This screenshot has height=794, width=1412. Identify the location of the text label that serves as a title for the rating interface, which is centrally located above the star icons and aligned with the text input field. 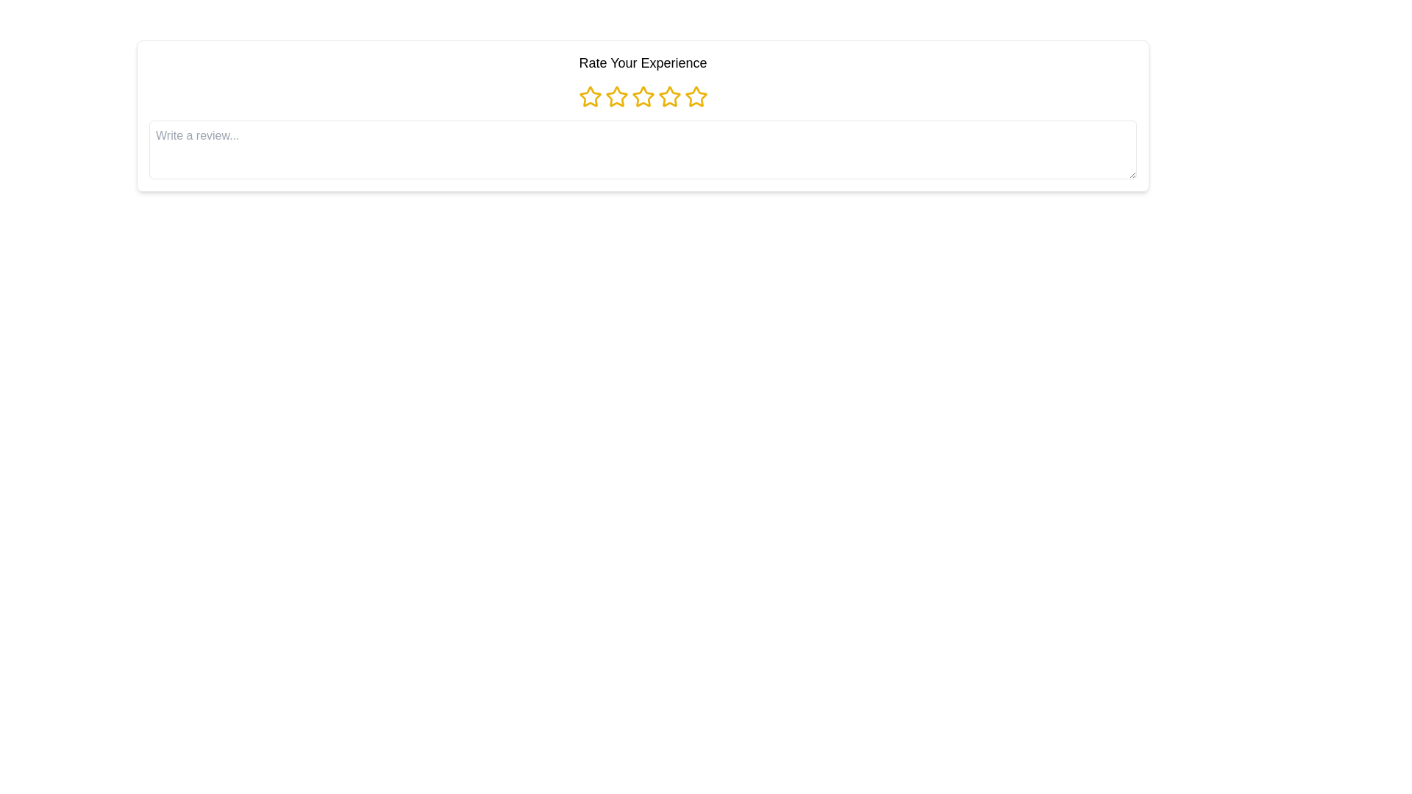
(643, 62).